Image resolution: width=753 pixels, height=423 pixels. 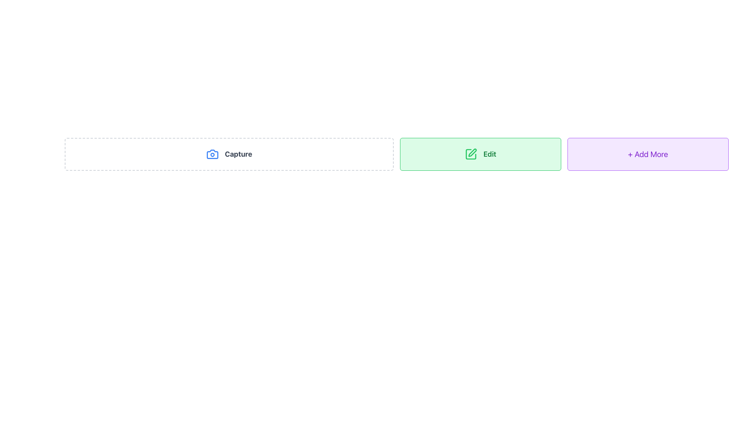 What do you see at coordinates (648, 154) in the screenshot?
I see `text displayed in the '+ Add More' label, which is a purple text label inside a rectangular button-like structure on the right side of the interface` at bounding box center [648, 154].